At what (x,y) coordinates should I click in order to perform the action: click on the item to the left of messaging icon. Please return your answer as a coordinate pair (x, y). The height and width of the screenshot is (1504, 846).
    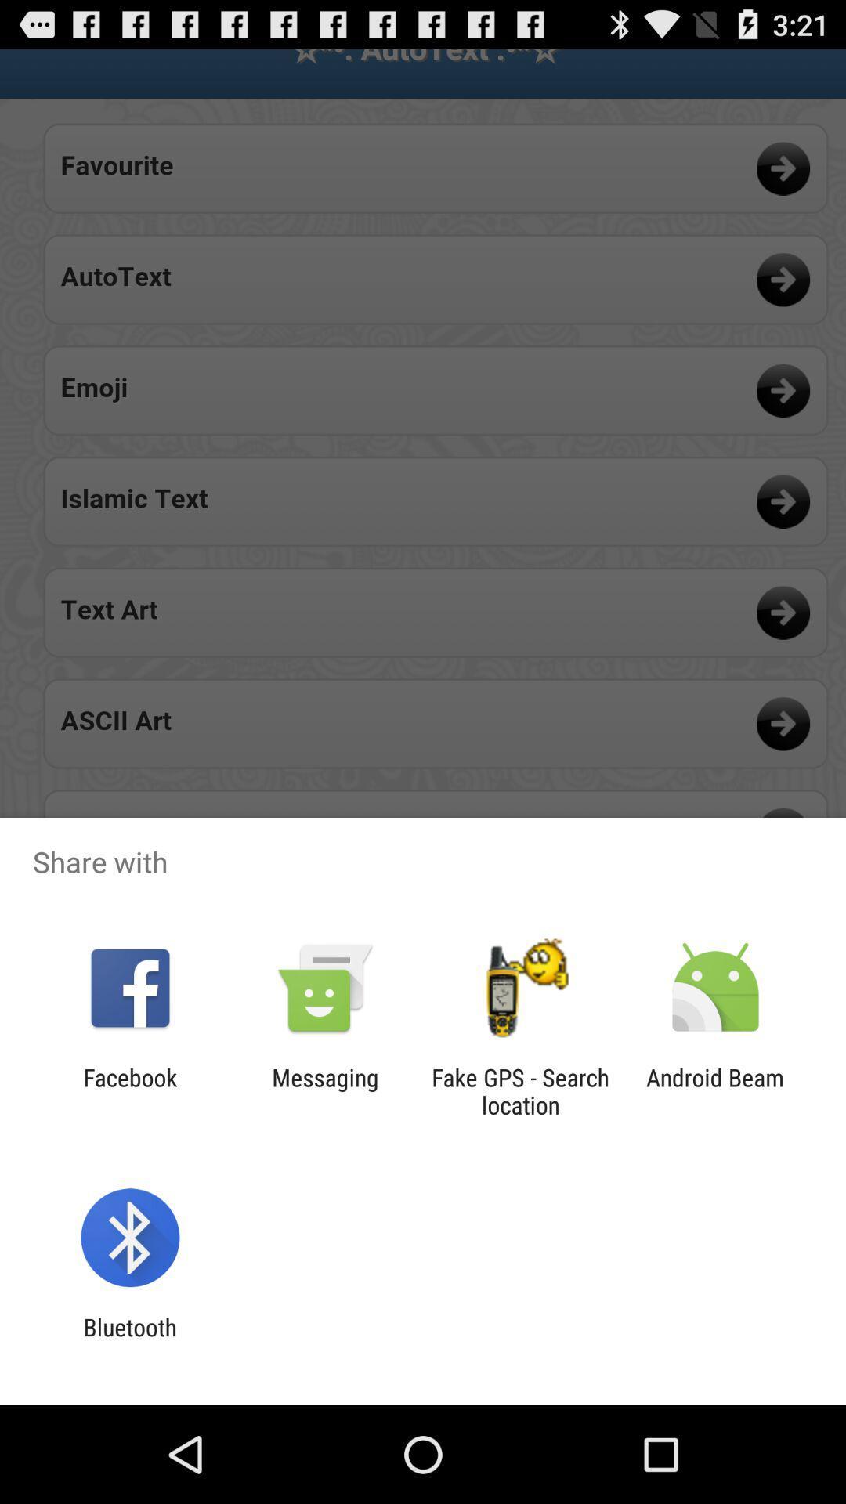
    Looking at the image, I should click on (129, 1090).